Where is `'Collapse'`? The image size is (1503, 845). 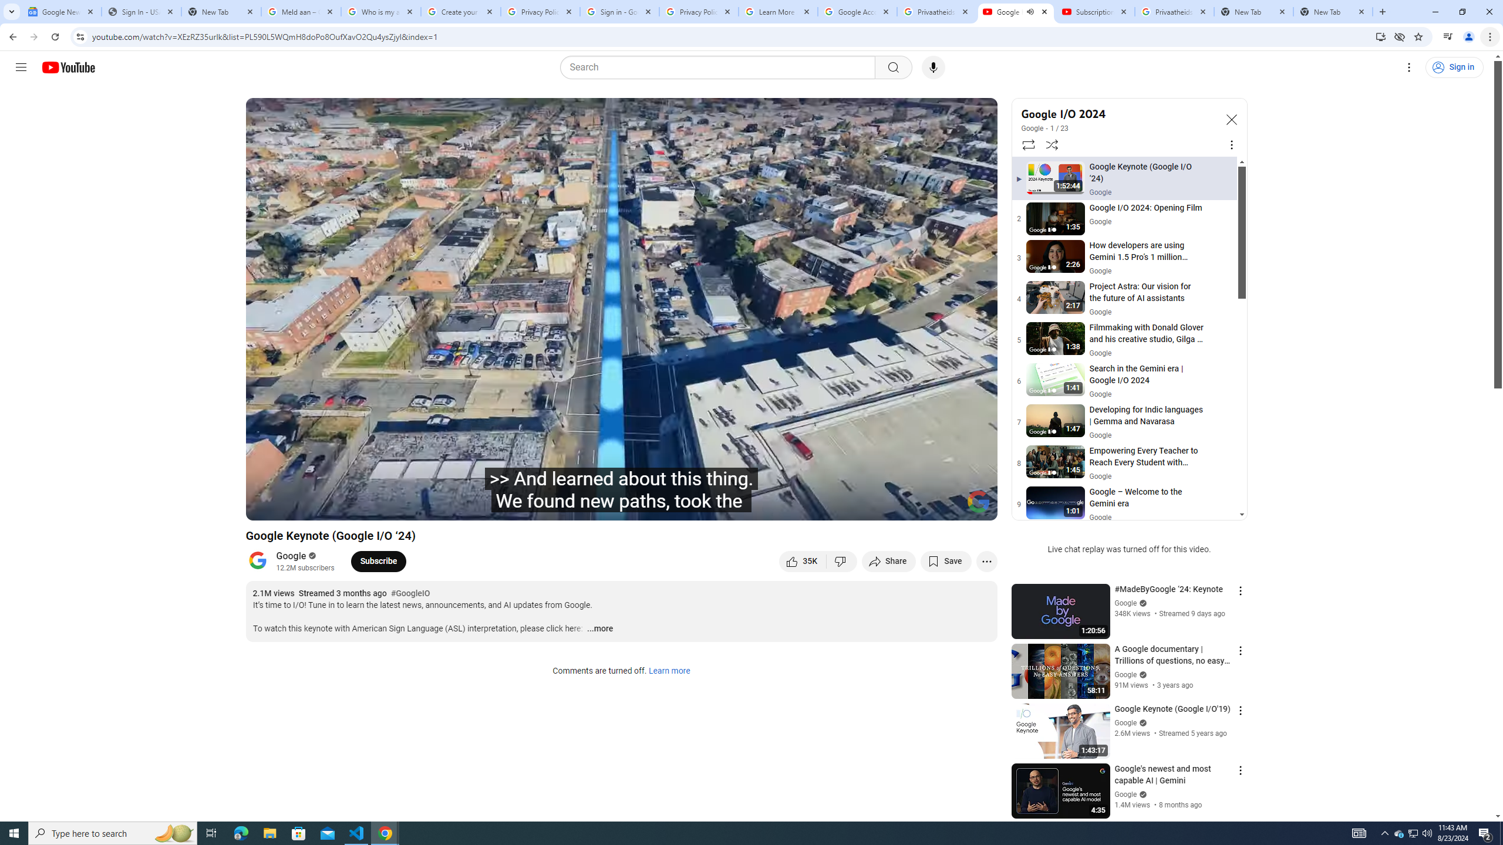
'Collapse' is located at coordinates (1230, 119).